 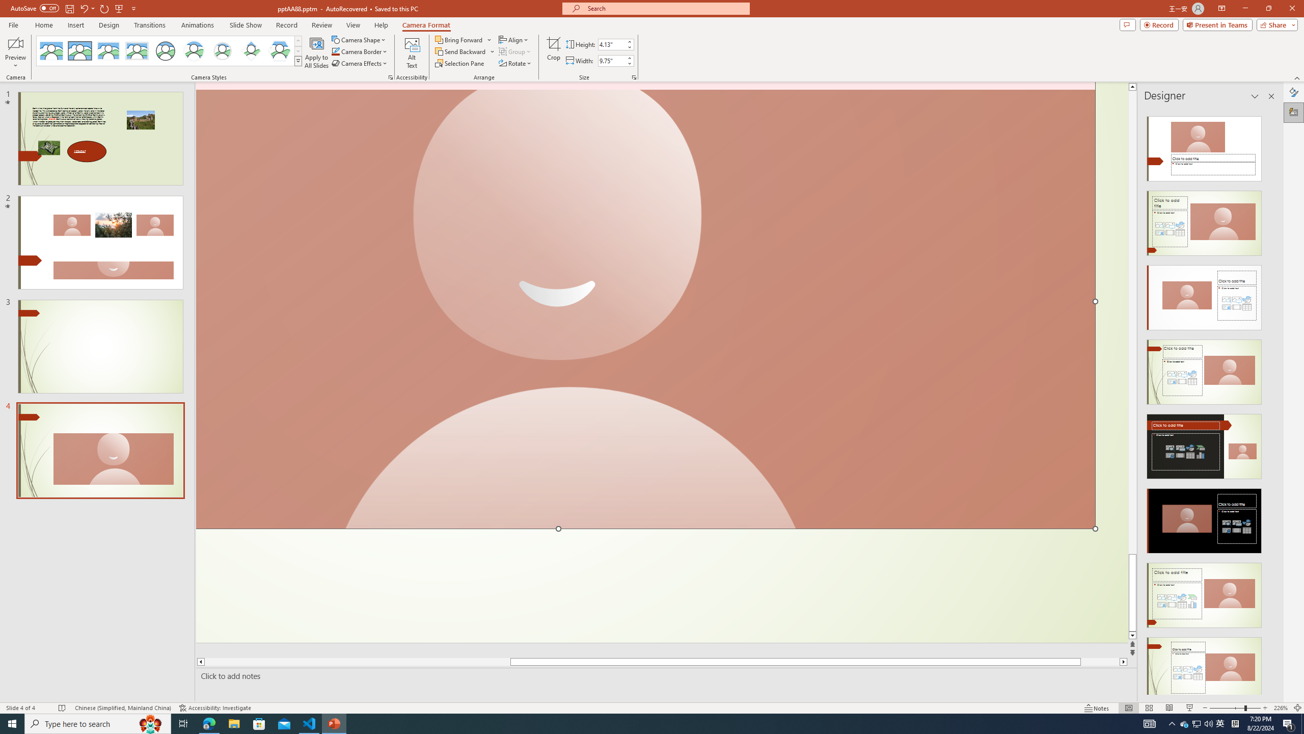 What do you see at coordinates (611, 44) in the screenshot?
I see `'Cameo Height'` at bounding box center [611, 44].